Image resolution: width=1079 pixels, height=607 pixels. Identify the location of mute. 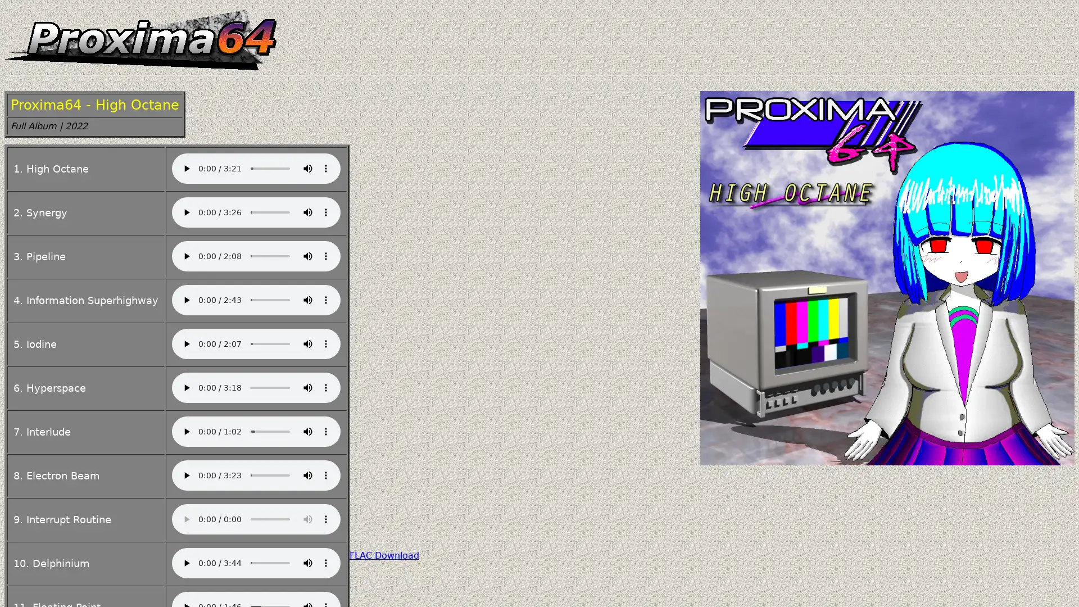
(307, 519).